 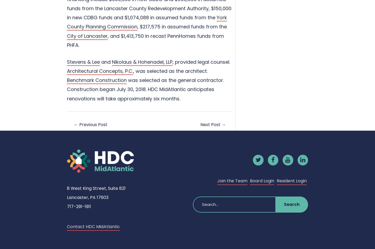 I want to click on ', and $1,413,750 in recast PennHomes funds from PHFA.', so click(x=145, y=40).